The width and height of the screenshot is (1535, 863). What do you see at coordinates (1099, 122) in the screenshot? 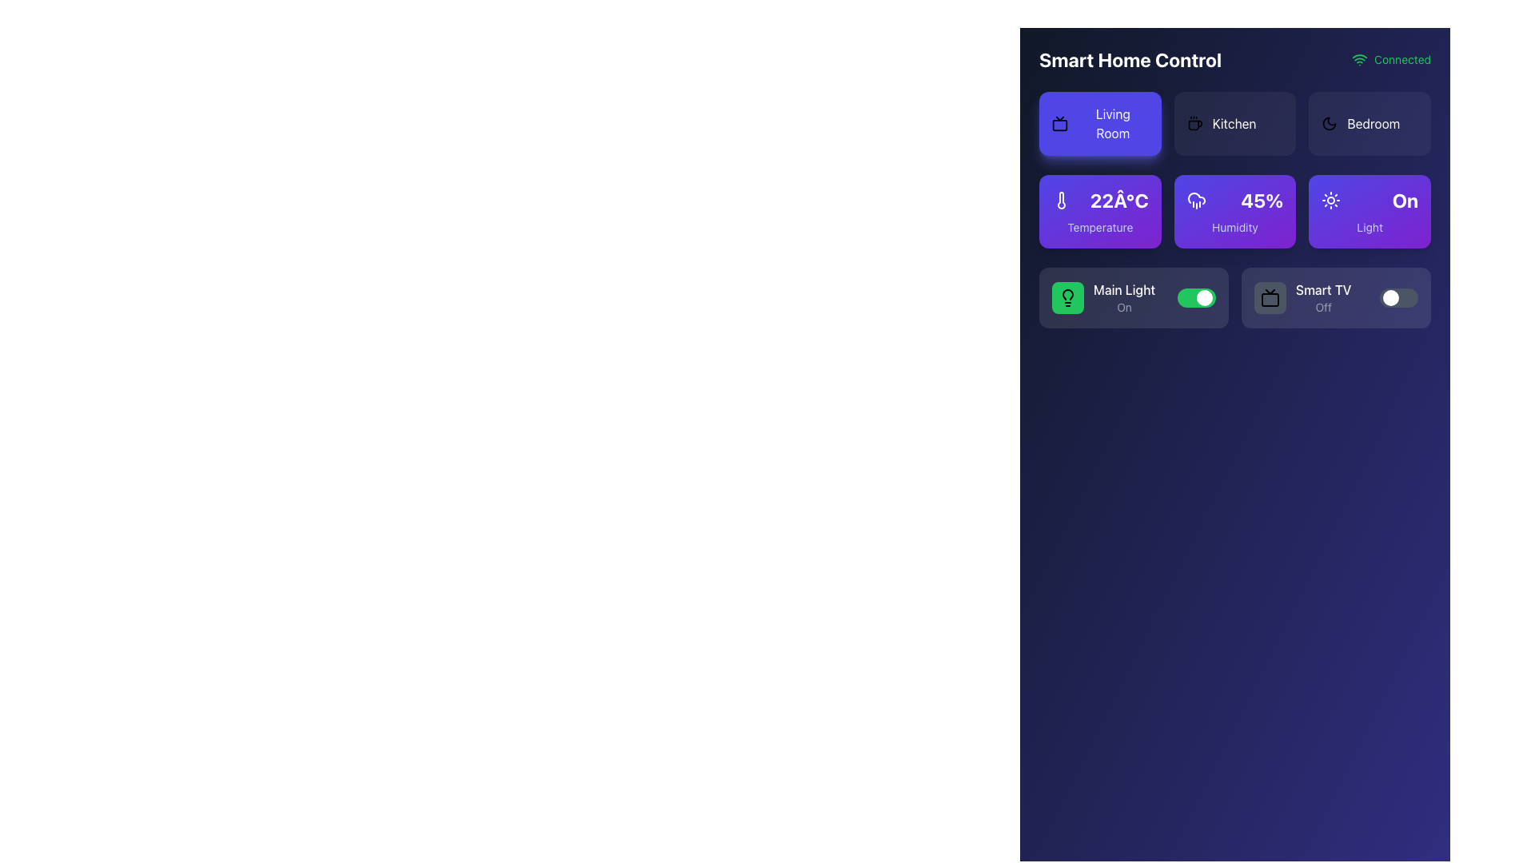
I see `the 'Living Room' button, which is a blue rectangular card with white text and a black TV icon, located at the top left corner of the card grouping` at bounding box center [1099, 122].